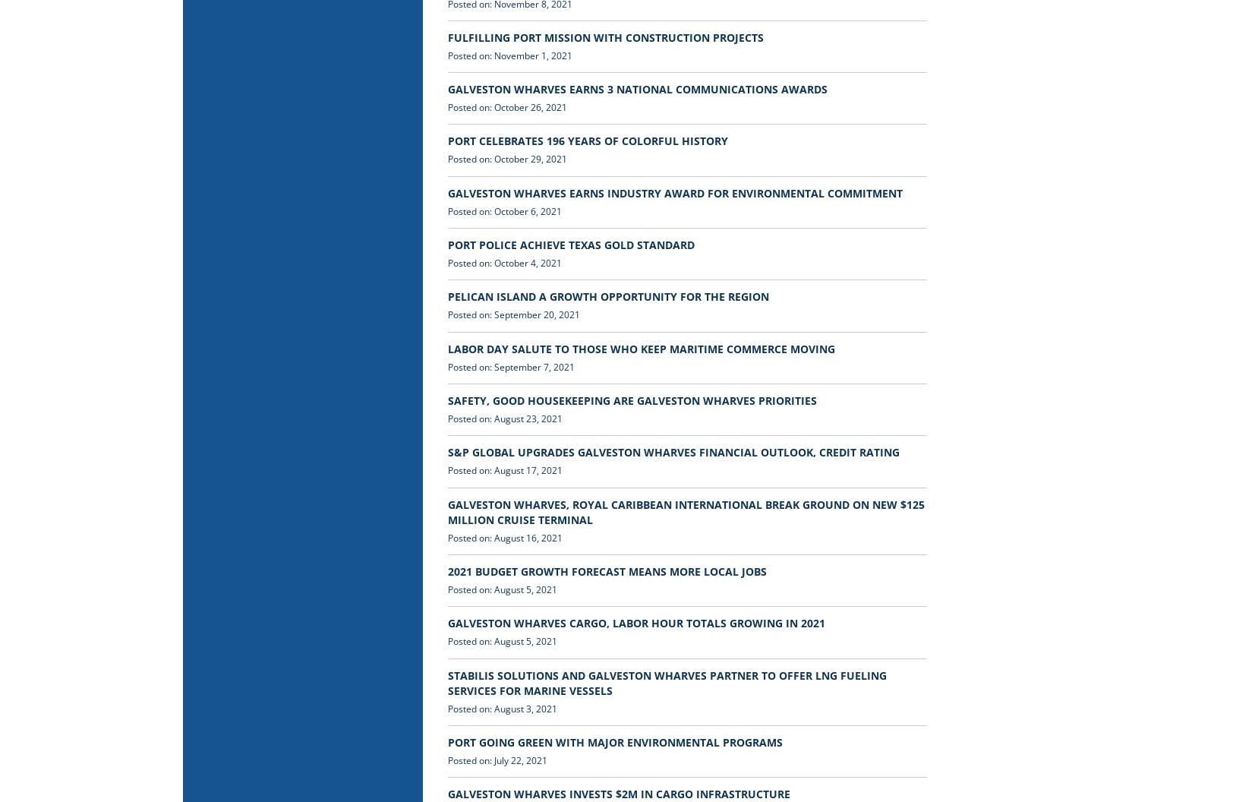 This screenshot has width=1255, height=802. What do you see at coordinates (506, 107) in the screenshot?
I see `'Posted on: October 26, 2021'` at bounding box center [506, 107].